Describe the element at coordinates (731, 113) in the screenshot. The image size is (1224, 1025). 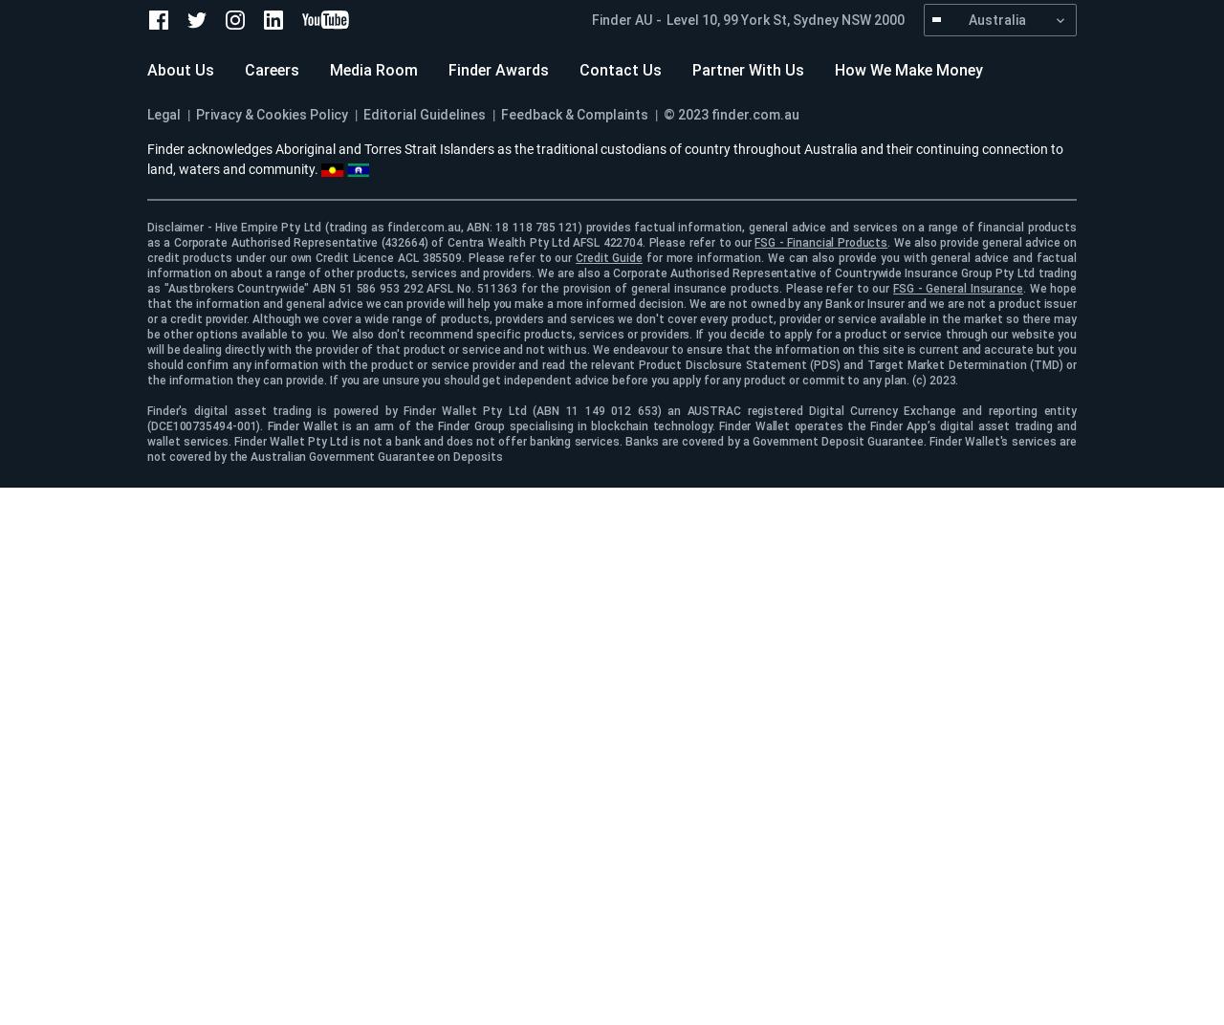
I see `'©
							2023
							finder.com.au'` at that location.